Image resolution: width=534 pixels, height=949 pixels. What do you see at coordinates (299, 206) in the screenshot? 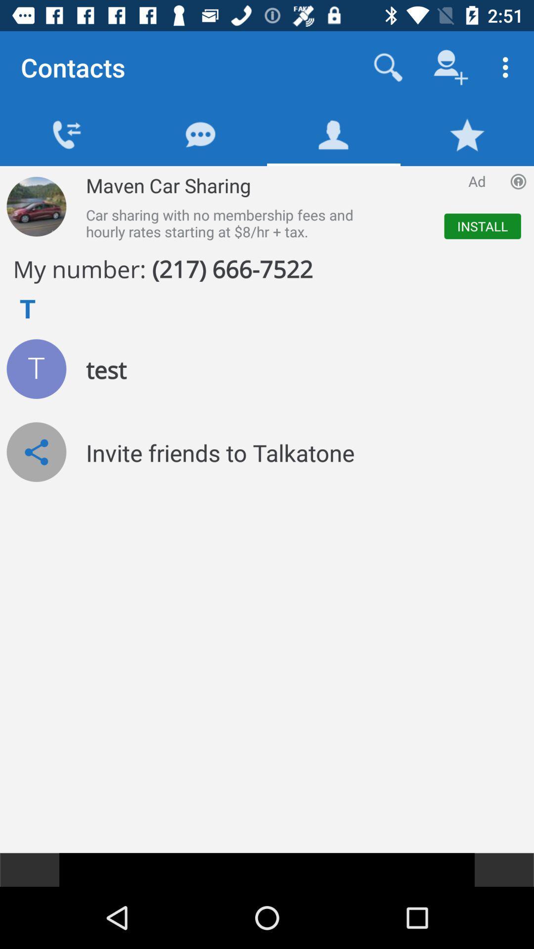
I see `the advertisement` at bounding box center [299, 206].